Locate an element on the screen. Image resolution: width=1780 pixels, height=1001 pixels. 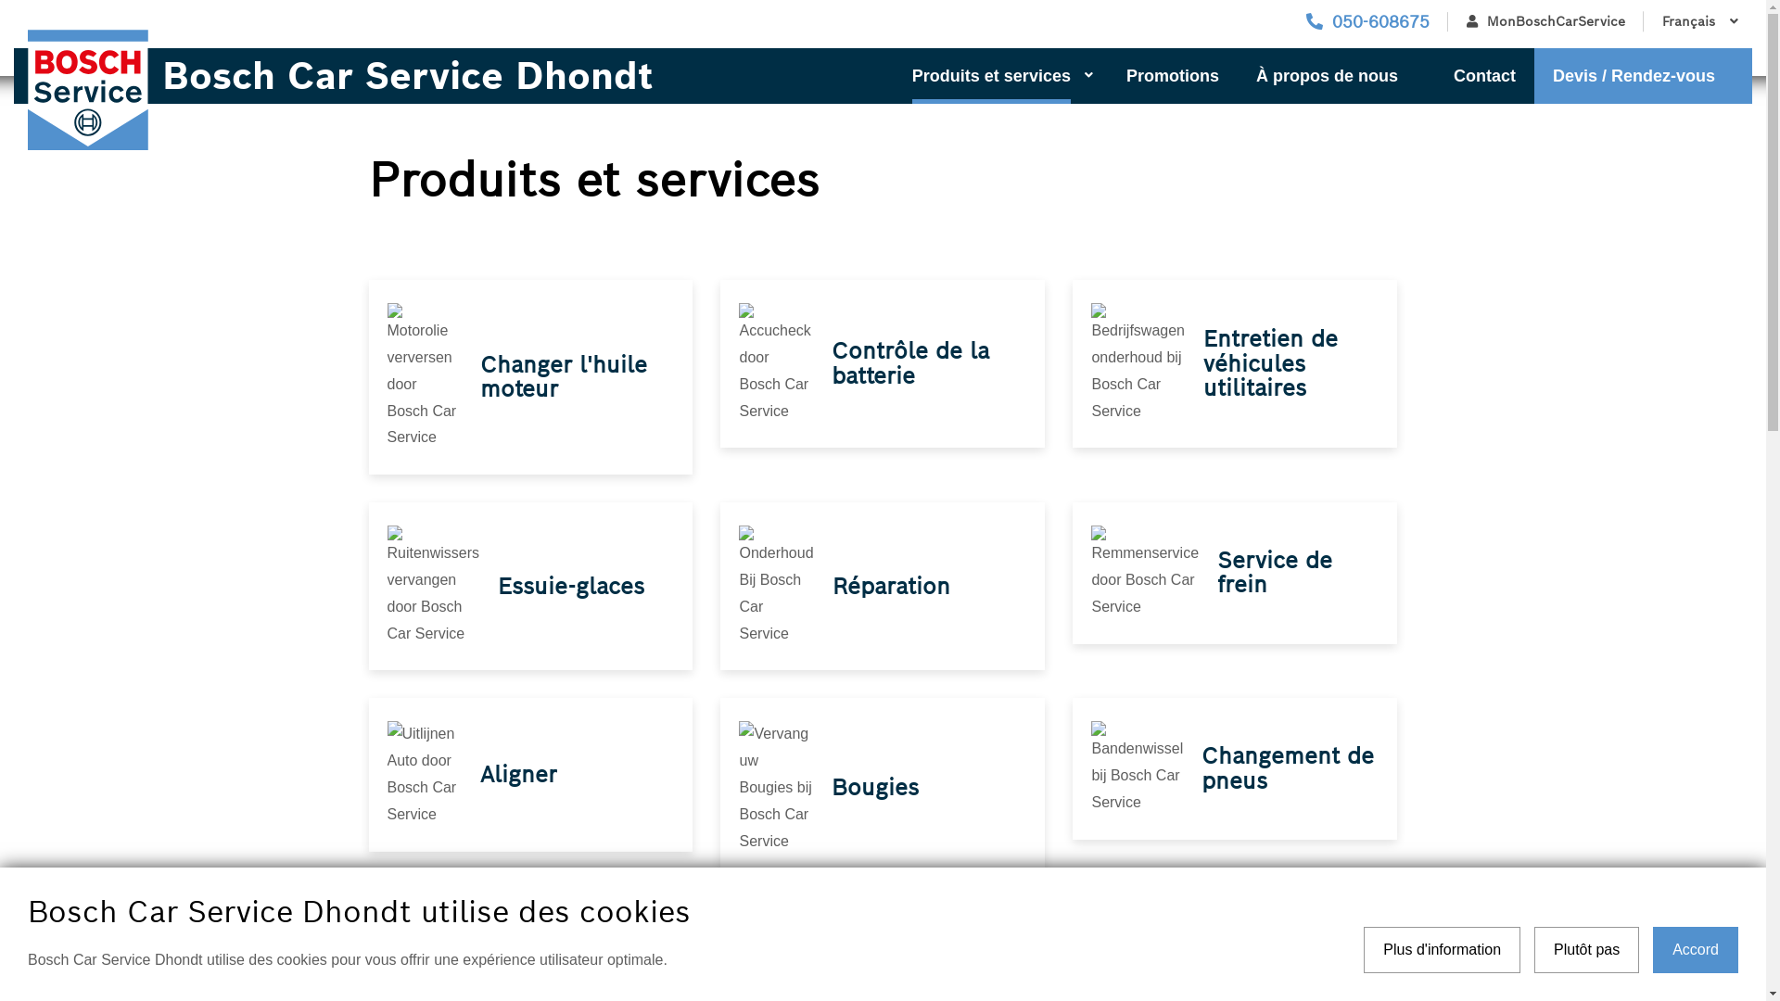
'Promotions' is located at coordinates (1172, 74).